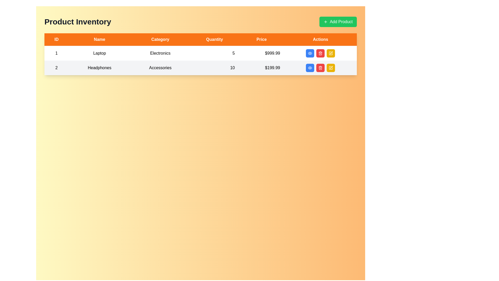 The height and width of the screenshot is (281, 499). What do you see at coordinates (338, 22) in the screenshot?
I see `the action button for adding a product to the inventory, located in the top-right corner of the layout, to observe its hover effect` at bounding box center [338, 22].